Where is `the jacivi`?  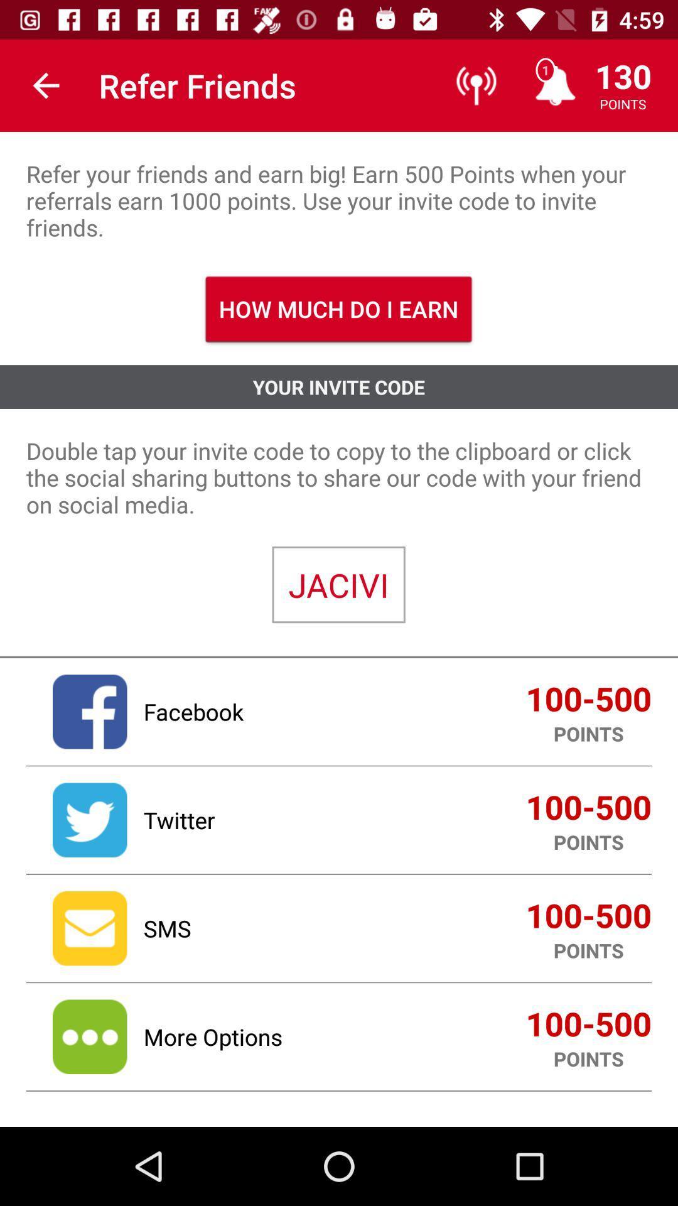
the jacivi is located at coordinates (338, 584).